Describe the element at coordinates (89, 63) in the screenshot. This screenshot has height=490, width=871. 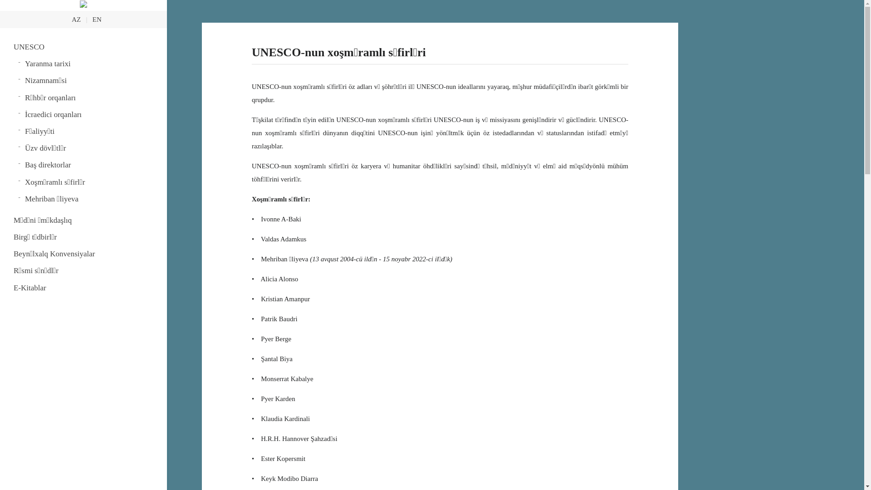
I see `'Yaranma tarixi'` at that location.